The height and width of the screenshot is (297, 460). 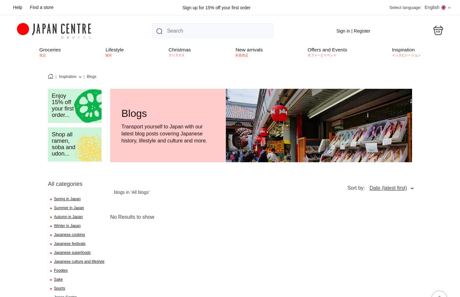 What do you see at coordinates (70, 243) in the screenshot?
I see `'Japanese festivals'` at bounding box center [70, 243].